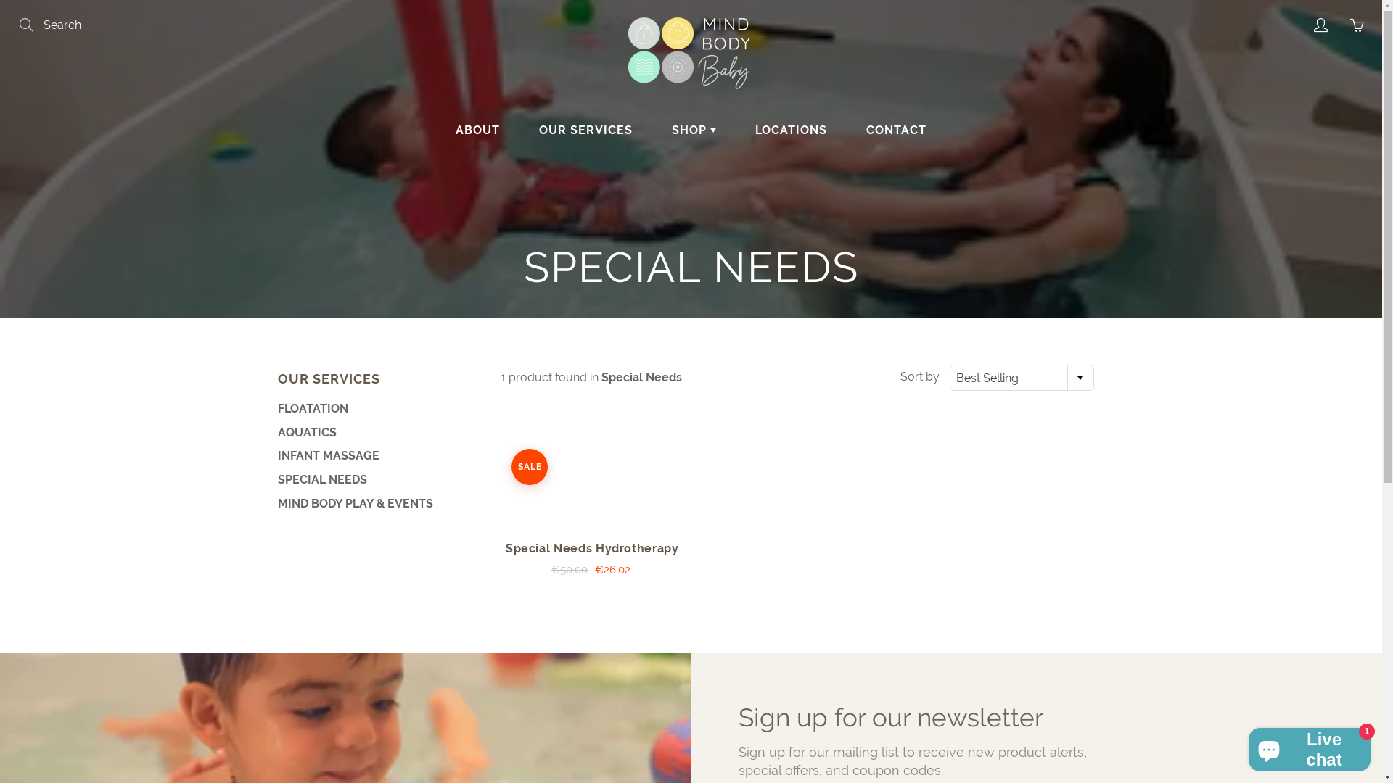 This screenshot has height=783, width=1393. Describe the element at coordinates (653, 130) in the screenshot. I see `'SHOP'` at that location.